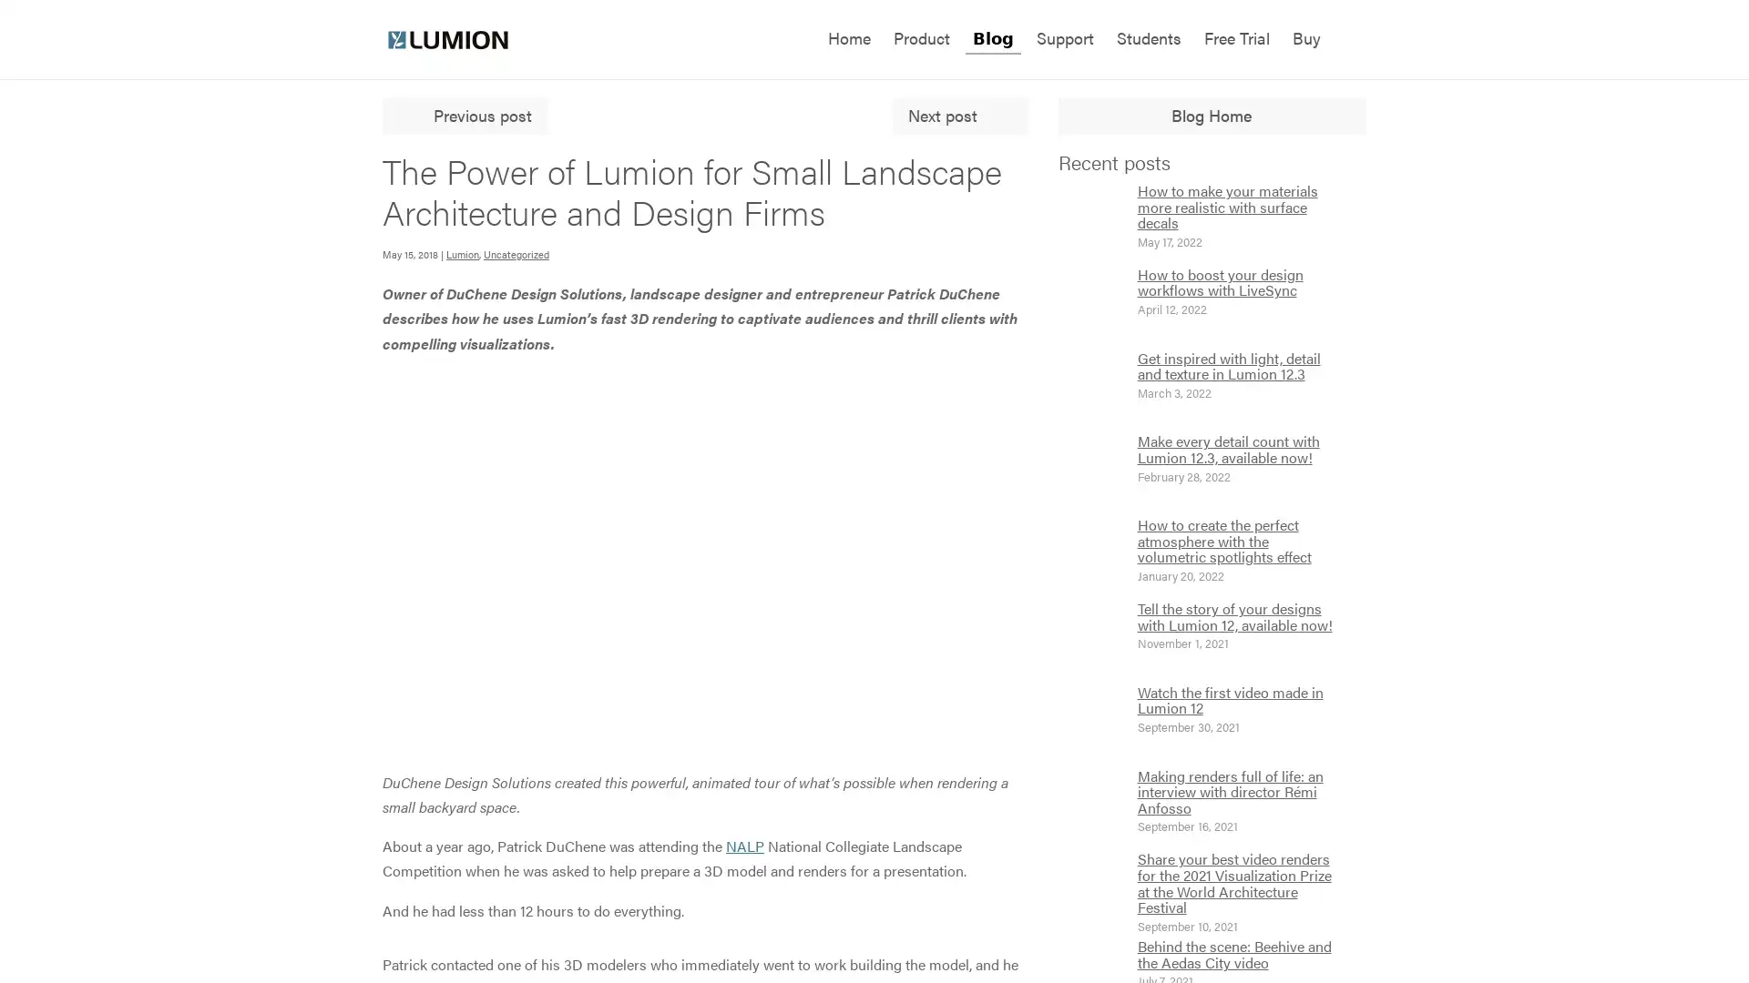  What do you see at coordinates (185, 863) in the screenshot?
I see `Reject All` at bounding box center [185, 863].